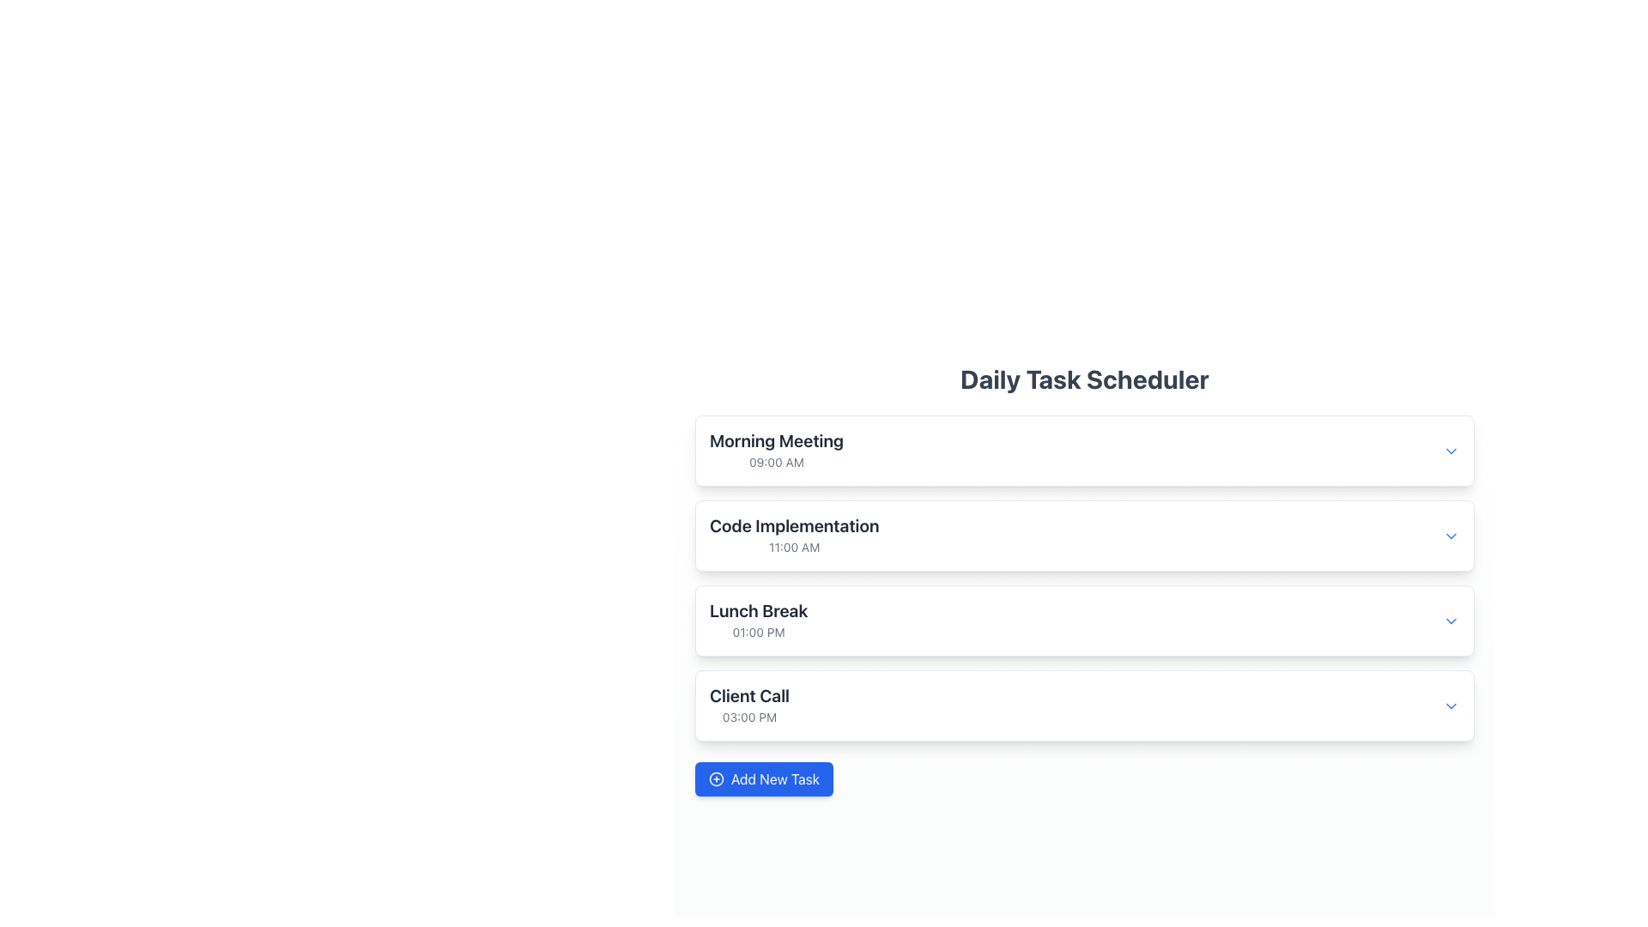  I want to click on text displayed in the gray color showing the time '03:00 PM' located in the bottom right section of the 'Client Call' task card, so click(749, 717).